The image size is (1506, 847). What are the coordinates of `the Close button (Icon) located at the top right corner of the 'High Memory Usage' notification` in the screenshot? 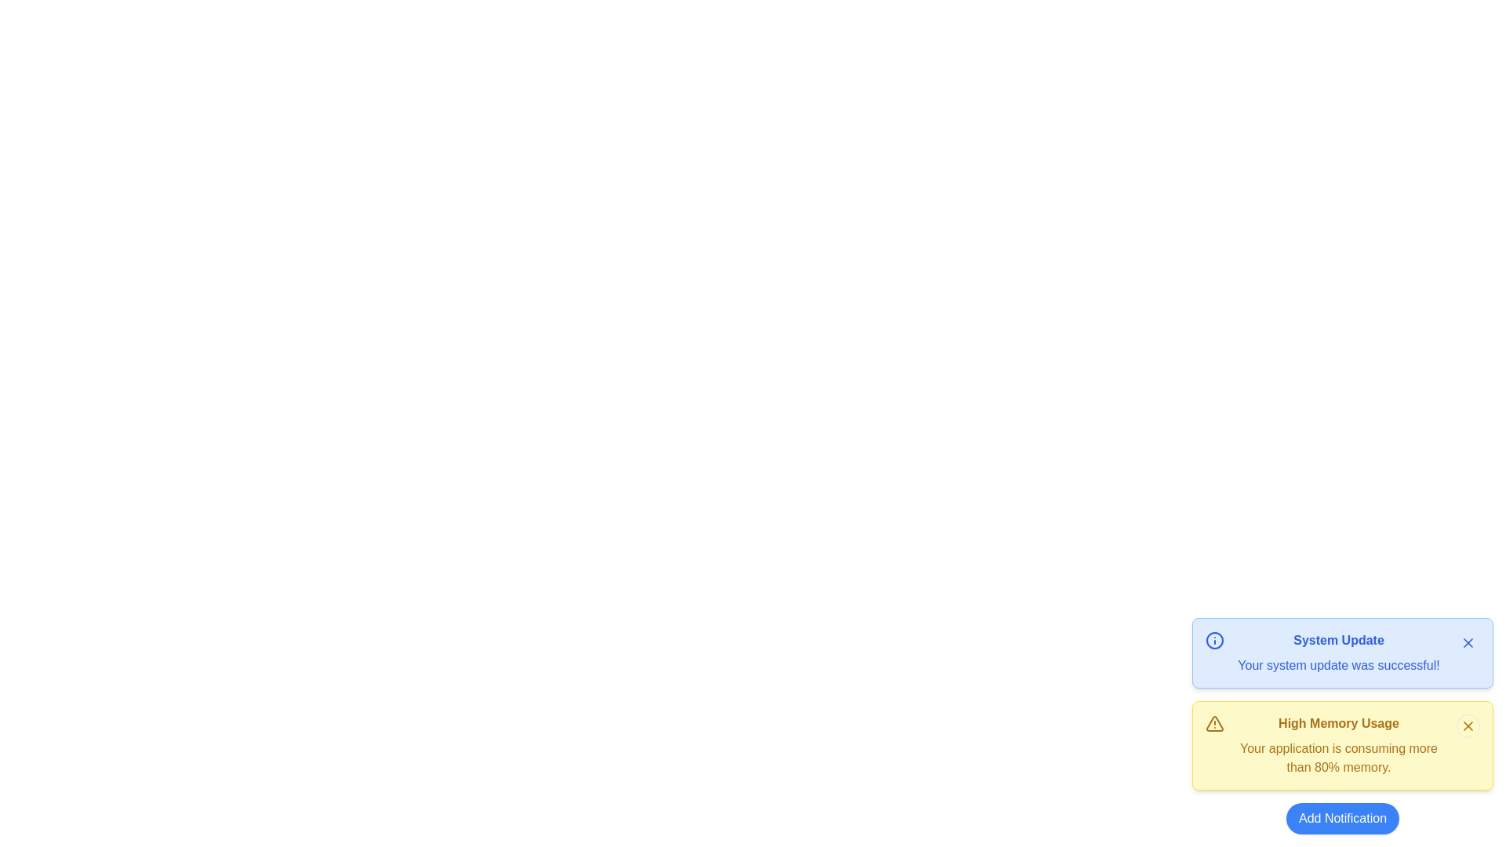 It's located at (1468, 725).